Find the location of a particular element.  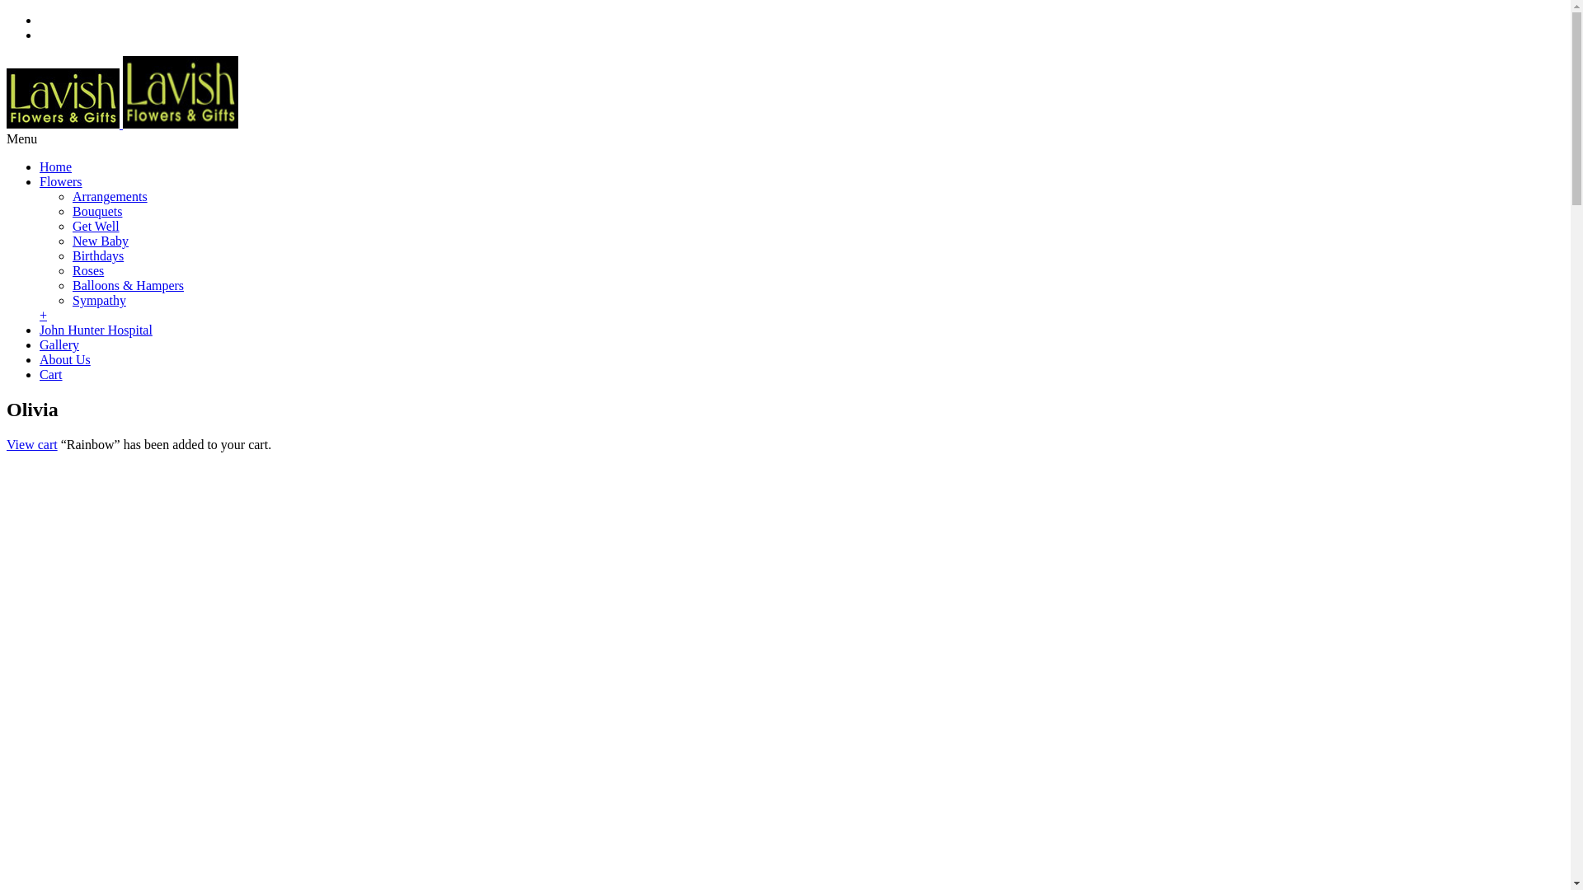

'+' is located at coordinates (43, 315).